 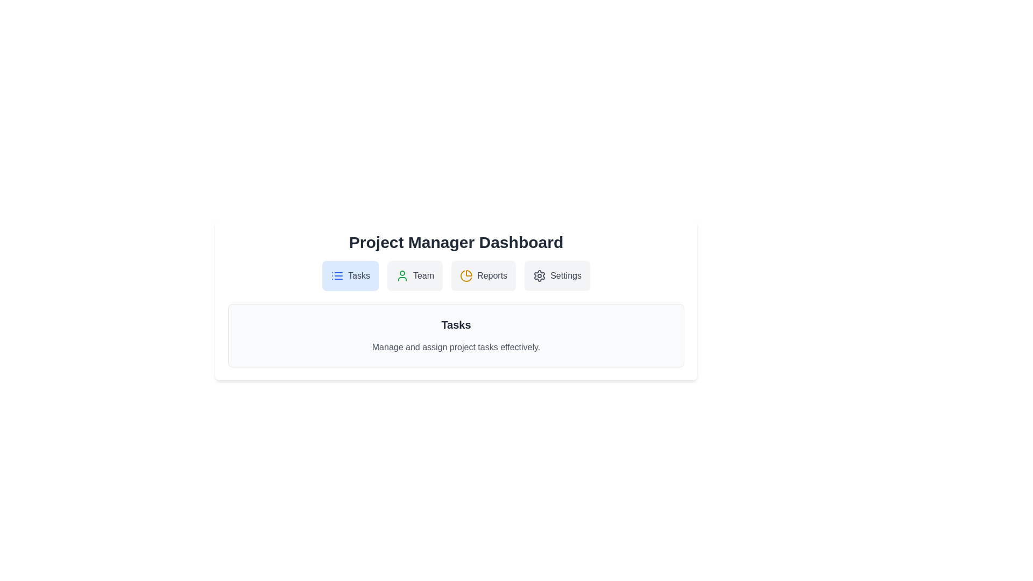 What do you see at coordinates (350, 275) in the screenshot?
I see `the Tasks tab` at bounding box center [350, 275].